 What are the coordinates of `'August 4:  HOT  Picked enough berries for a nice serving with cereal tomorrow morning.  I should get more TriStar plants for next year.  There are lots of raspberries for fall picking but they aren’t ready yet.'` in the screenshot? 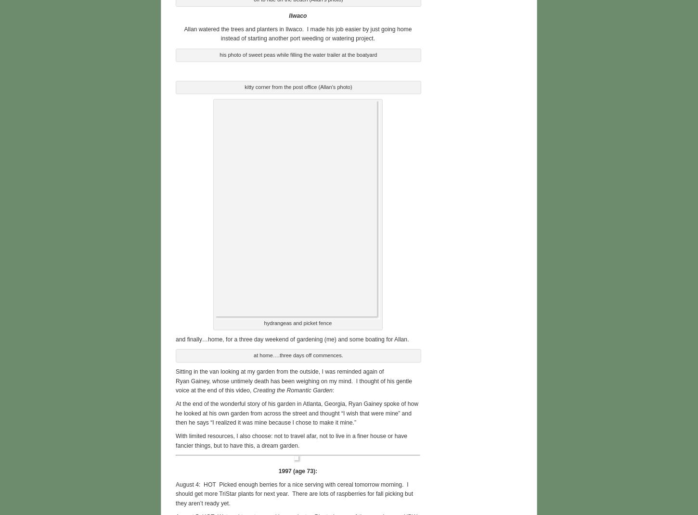 It's located at (294, 492).